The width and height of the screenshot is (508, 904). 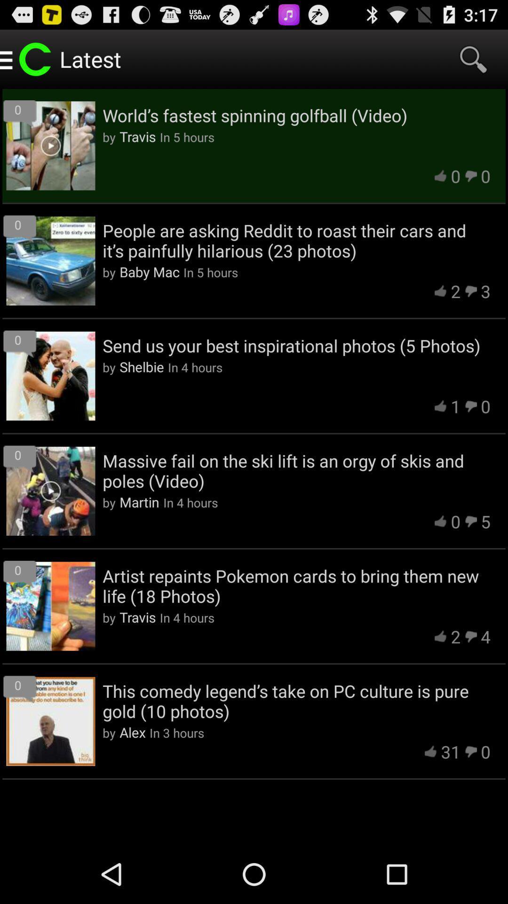 What do you see at coordinates (473, 58) in the screenshot?
I see `item above the world s fastest app` at bounding box center [473, 58].